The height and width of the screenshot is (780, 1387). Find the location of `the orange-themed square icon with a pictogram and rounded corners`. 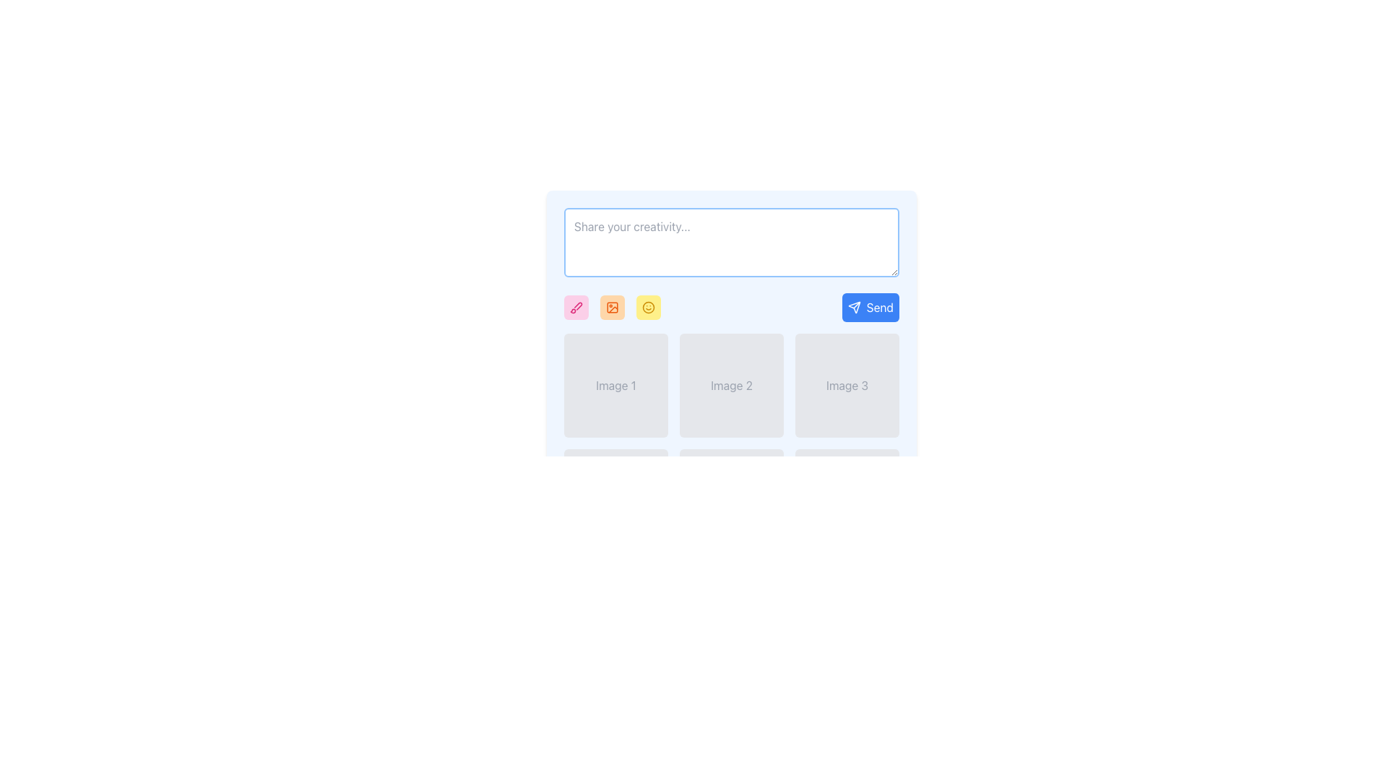

the orange-themed square icon with a pictogram and rounded corners is located at coordinates (613, 306).